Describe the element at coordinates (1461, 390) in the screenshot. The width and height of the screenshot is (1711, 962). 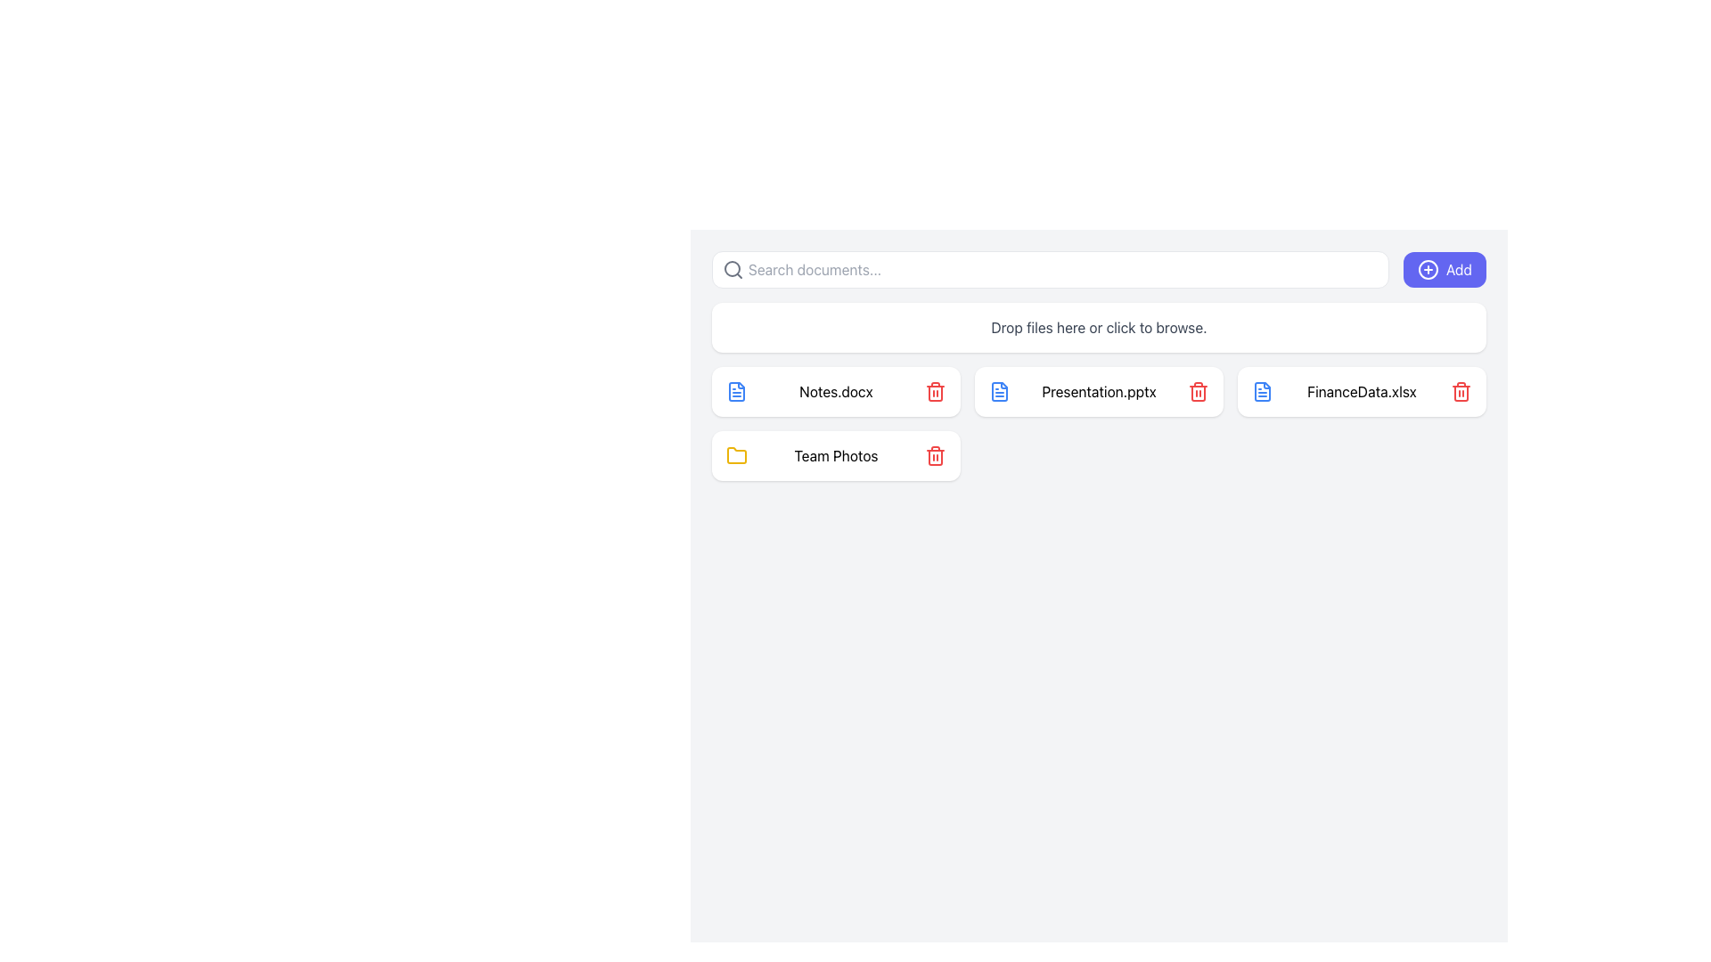
I see `the small red trash bin icon, which serves as the delete button, located on the far right side of the horizontal box labeled 'FinanceData.xlsx'` at that location.